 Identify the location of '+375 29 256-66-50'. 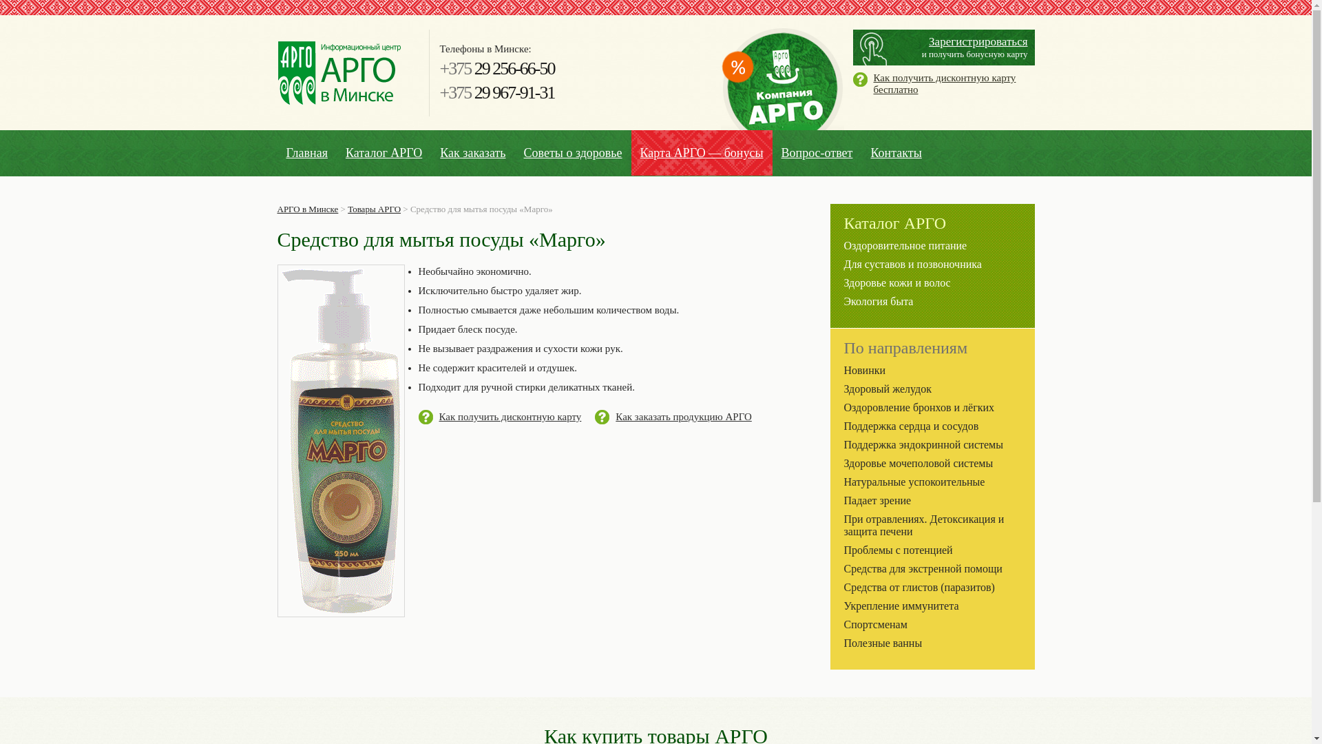
(496, 68).